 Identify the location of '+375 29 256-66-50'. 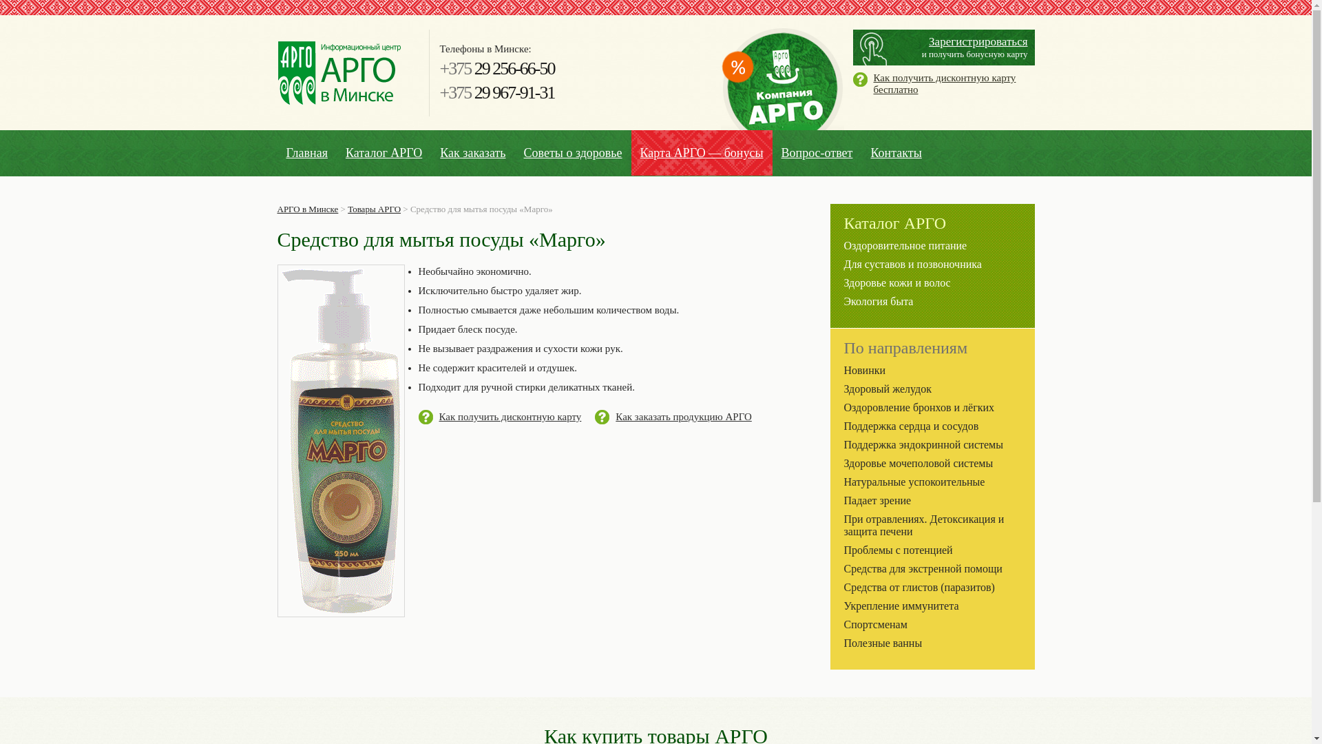
(496, 68).